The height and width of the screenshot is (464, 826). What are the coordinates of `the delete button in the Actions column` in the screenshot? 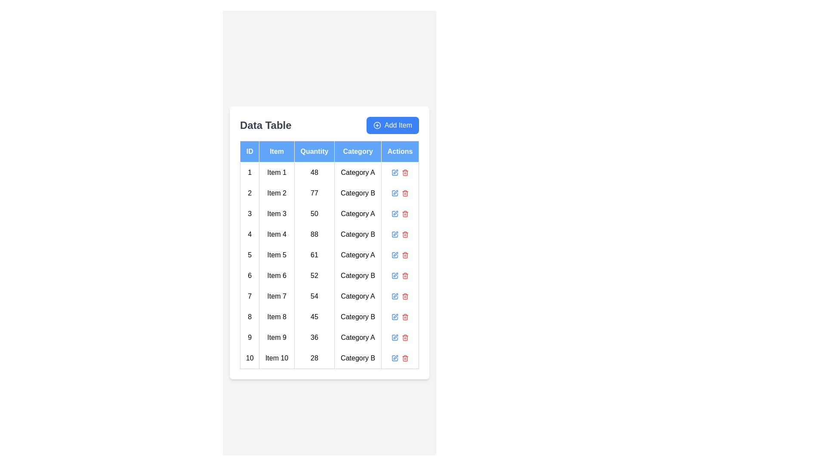 It's located at (400, 192).